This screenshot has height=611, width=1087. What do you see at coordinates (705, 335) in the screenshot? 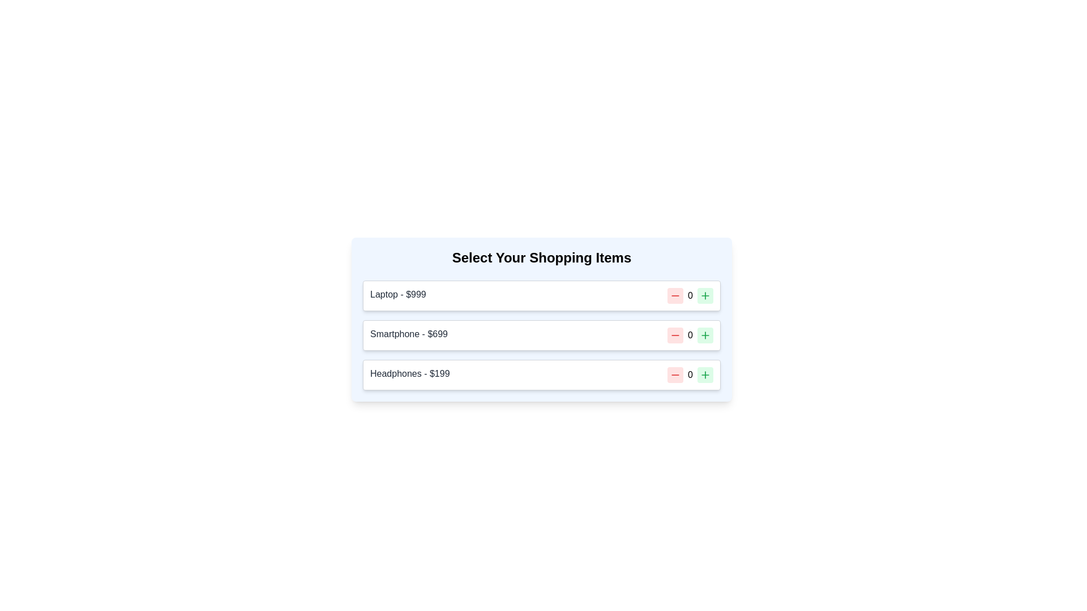
I see `the green plus icon SVG button located to the far right of the row labeled 'Smartphone - $699'` at bounding box center [705, 335].